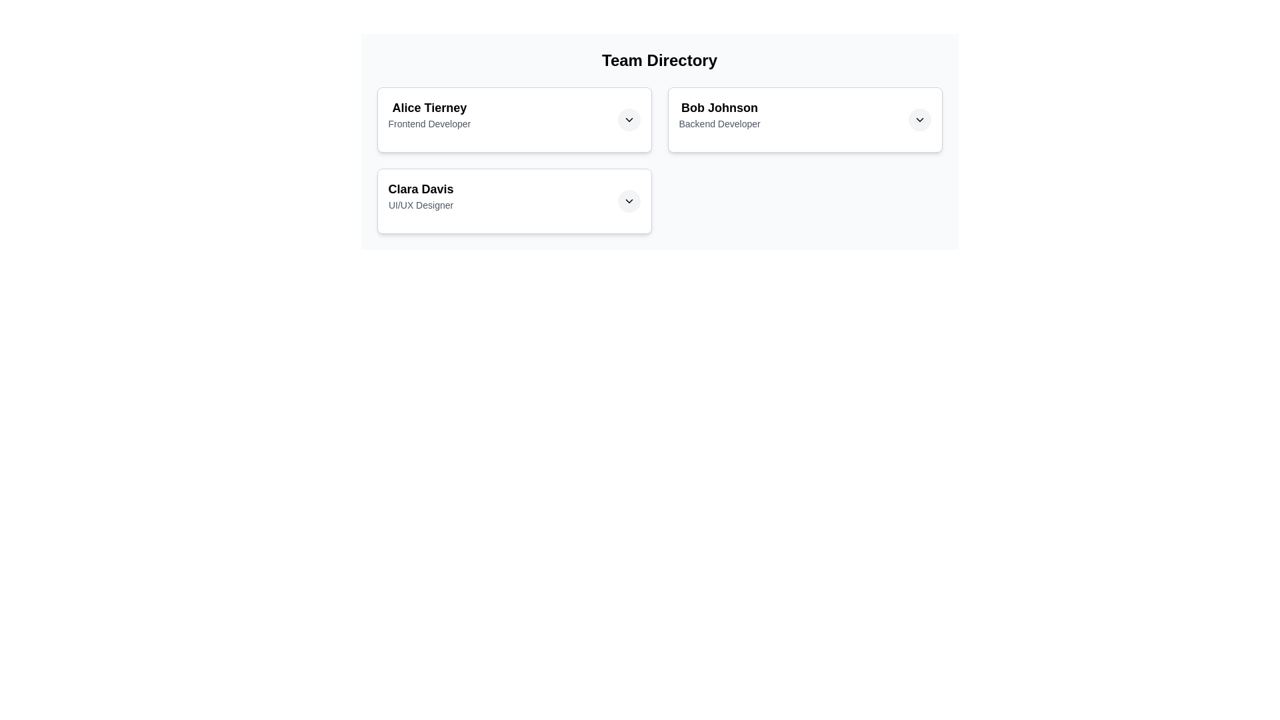 The width and height of the screenshot is (1280, 720). Describe the element at coordinates (719, 123) in the screenshot. I see `the Text label indicating the role or position of 'Bob Johnson', located directly below the 'Bob Johnson' text in the right-hand card of the 'Team Directory'` at that location.